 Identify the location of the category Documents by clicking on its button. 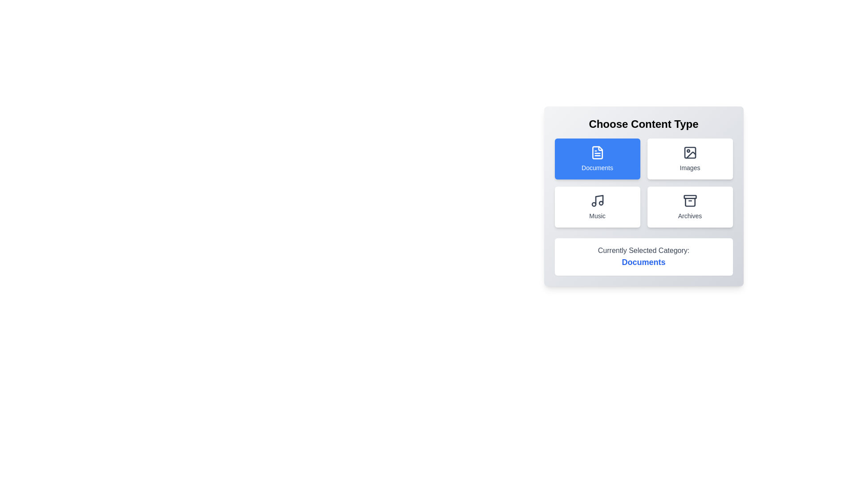
(597, 159).